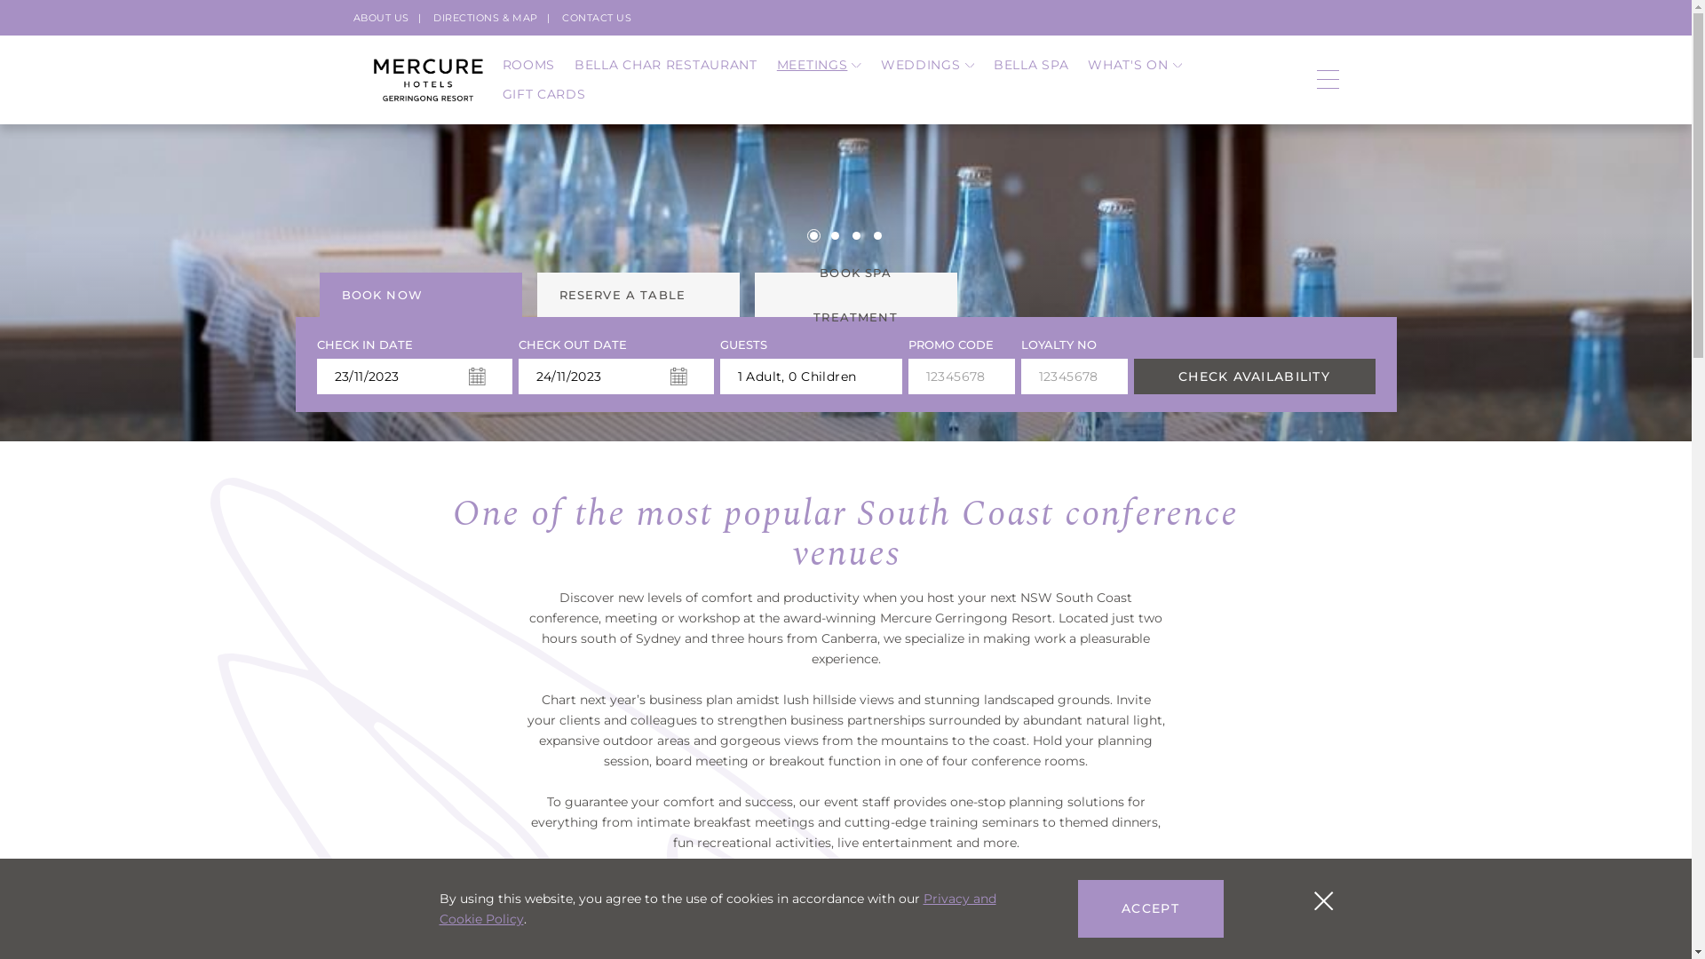 The width and height of the screenshot is (1705, 959). I want to click on 'GIFT CARDS', so click(543, 94).